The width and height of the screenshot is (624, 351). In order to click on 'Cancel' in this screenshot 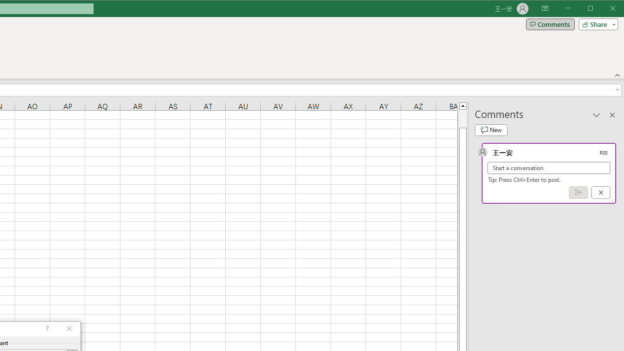, I will do `click(600, 193)`.